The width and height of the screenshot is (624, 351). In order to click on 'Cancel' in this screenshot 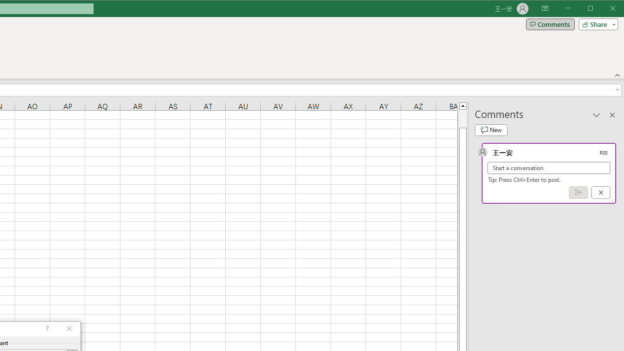, I will do `click(600, 193)`.